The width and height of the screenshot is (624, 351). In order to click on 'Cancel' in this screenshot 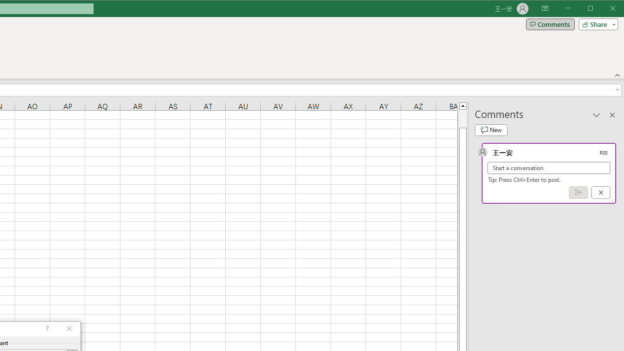, I will do `click(600, 193)`.